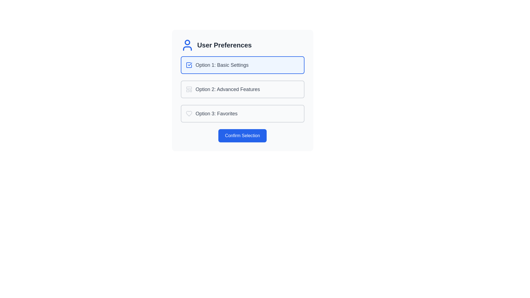 The image size is (530, 298). I want to click on the selection indicator icon within the checkbox-like component located in the first selectable option card labeled 'Option 1: Basic Settings', so click(189, 65).